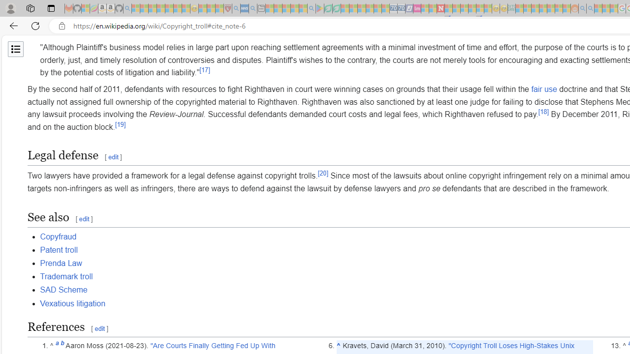  What do you see at coordinates (527, 8) in the screenshot?
I see `'Microsoft account | Privacy - Sleeping'` at bounding box center [527, 8].